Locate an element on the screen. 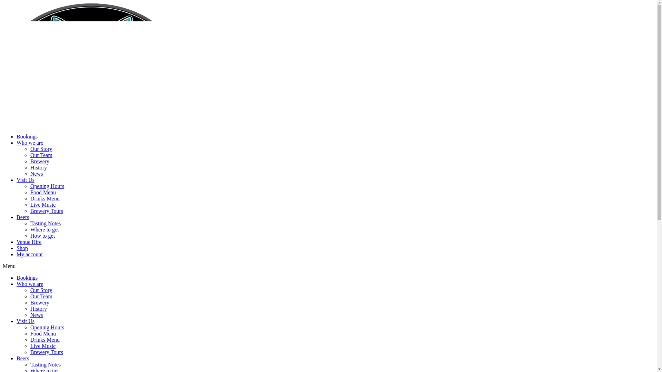 This screenshot has width=662, height=372. 'Where to get' is located at coordinates (44, 229).